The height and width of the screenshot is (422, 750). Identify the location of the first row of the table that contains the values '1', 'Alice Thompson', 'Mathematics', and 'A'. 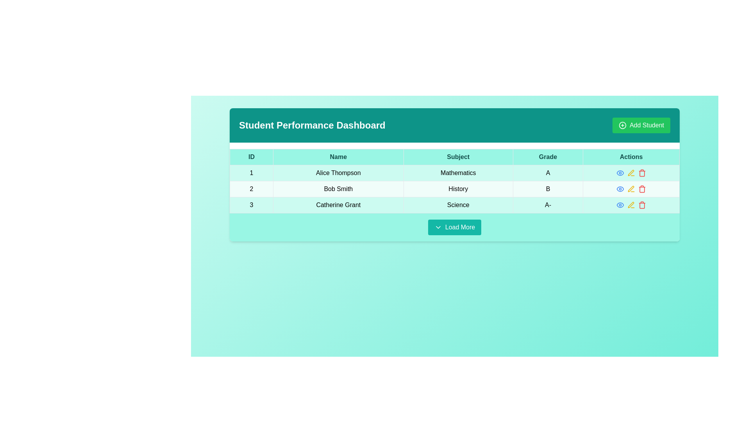
(454, 173).